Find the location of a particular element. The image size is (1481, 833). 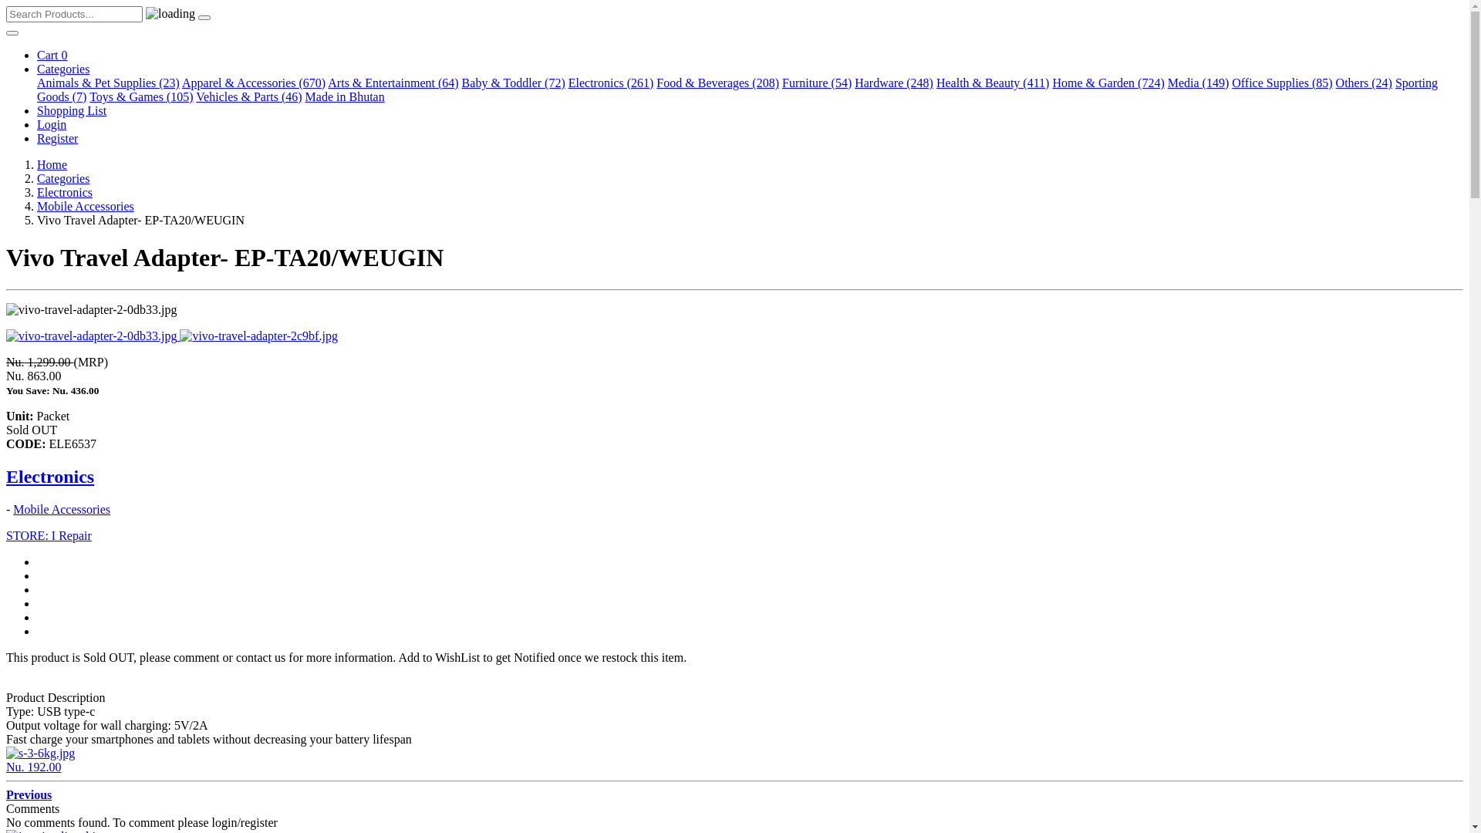

'Apparel & Accessories (670)' is located at coordinates (254, 83).